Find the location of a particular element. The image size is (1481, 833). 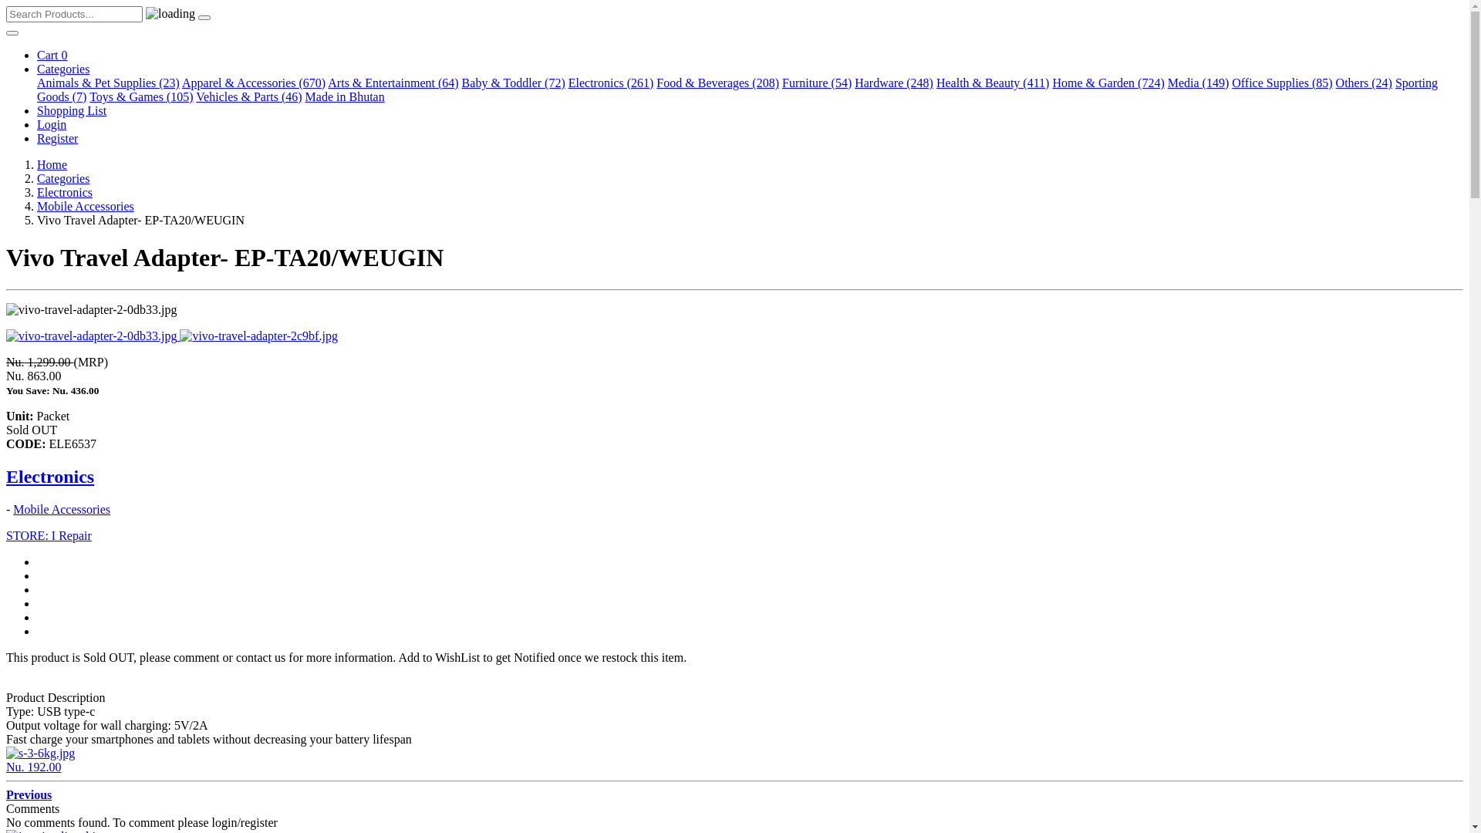

'Apparel & Accessories (670)' is located at coordinates (254, 83).